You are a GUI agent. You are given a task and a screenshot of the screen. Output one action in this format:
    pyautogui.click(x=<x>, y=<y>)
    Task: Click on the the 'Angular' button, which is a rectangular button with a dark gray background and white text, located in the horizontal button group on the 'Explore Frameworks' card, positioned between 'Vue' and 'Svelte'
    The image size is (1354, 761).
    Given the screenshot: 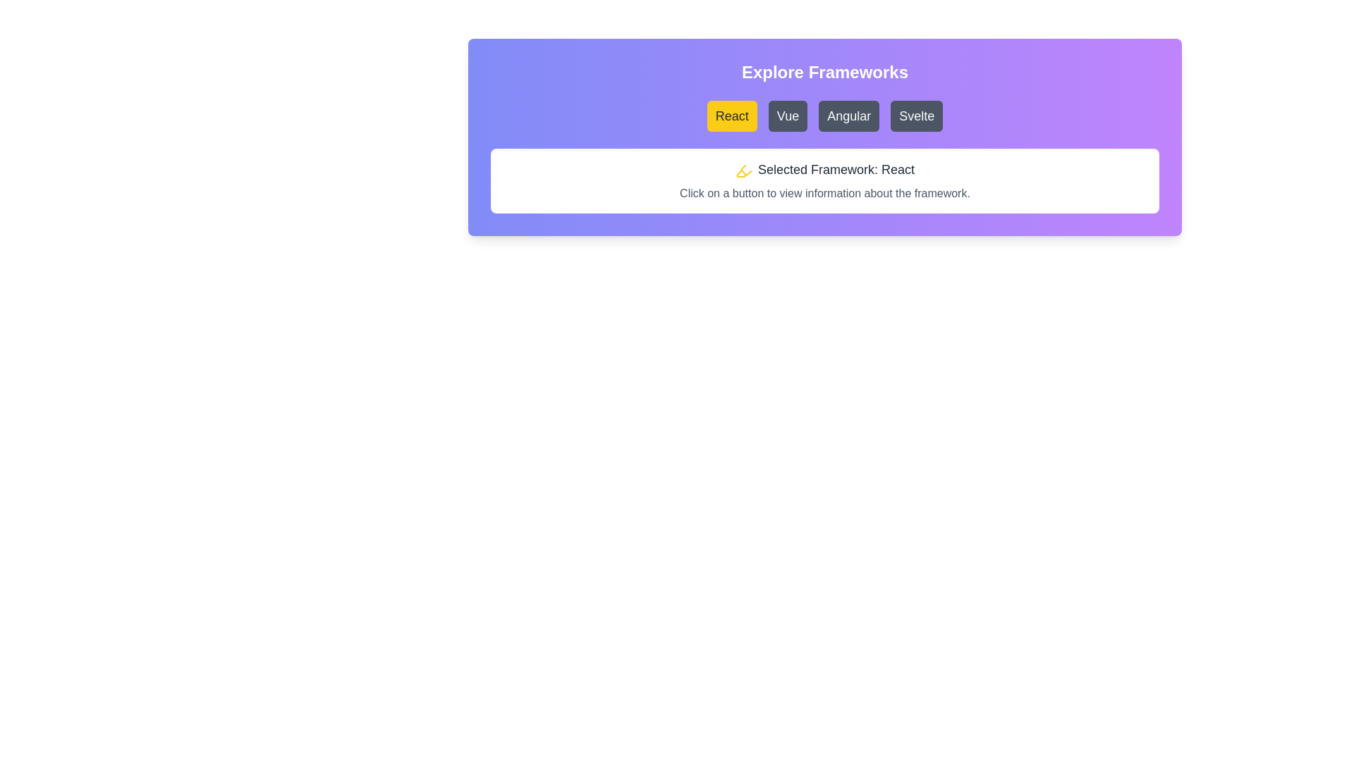 What is the action you would take?
    pyautogui.click(x=848, y=116)
    